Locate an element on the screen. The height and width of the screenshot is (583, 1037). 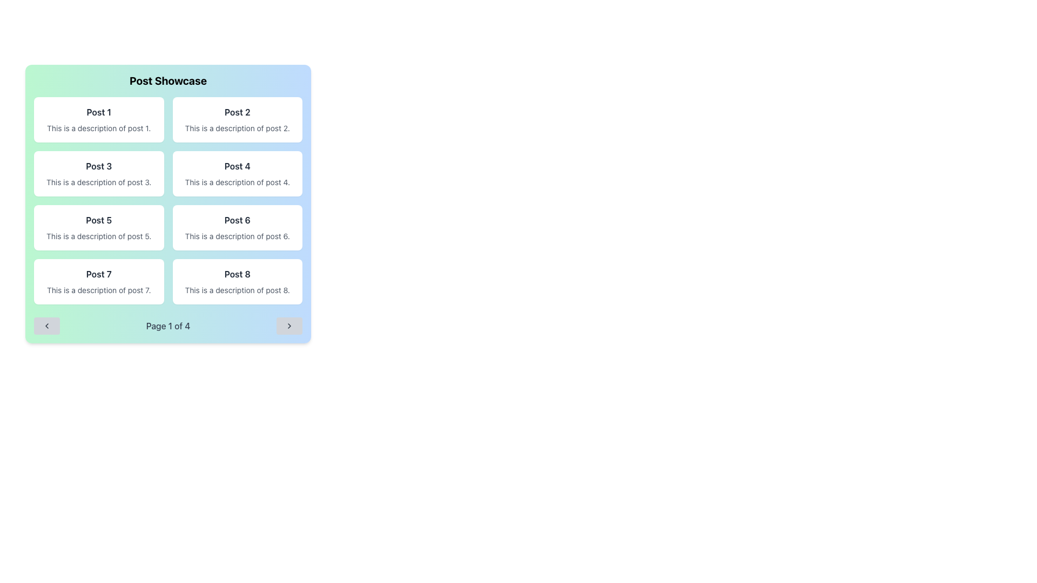
the 'Post 6' text label, which is styled in bold dark gray on a white background, located is located at coordinates (237, 220).